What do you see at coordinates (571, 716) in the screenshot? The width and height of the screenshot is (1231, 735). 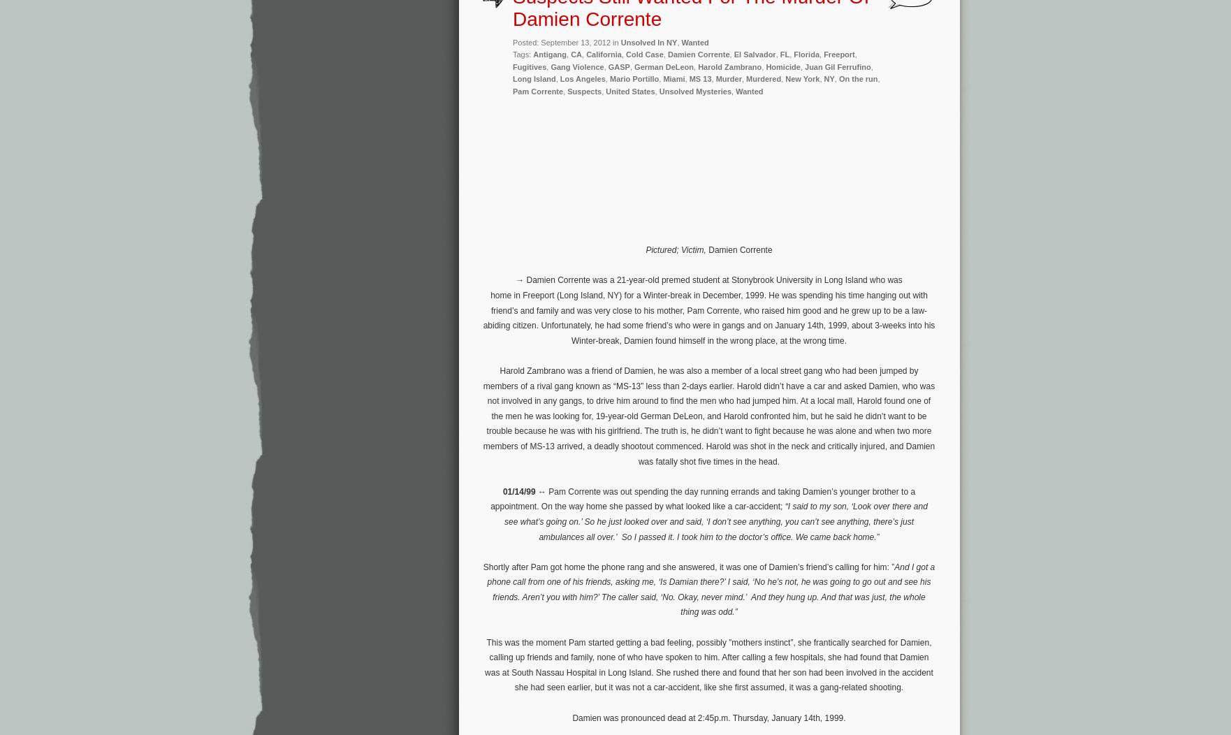 I see `'Damien was pronounced dead at 2:45p.m. Thursday, January 14th, 1999.'` at bounding box center [571, 716].